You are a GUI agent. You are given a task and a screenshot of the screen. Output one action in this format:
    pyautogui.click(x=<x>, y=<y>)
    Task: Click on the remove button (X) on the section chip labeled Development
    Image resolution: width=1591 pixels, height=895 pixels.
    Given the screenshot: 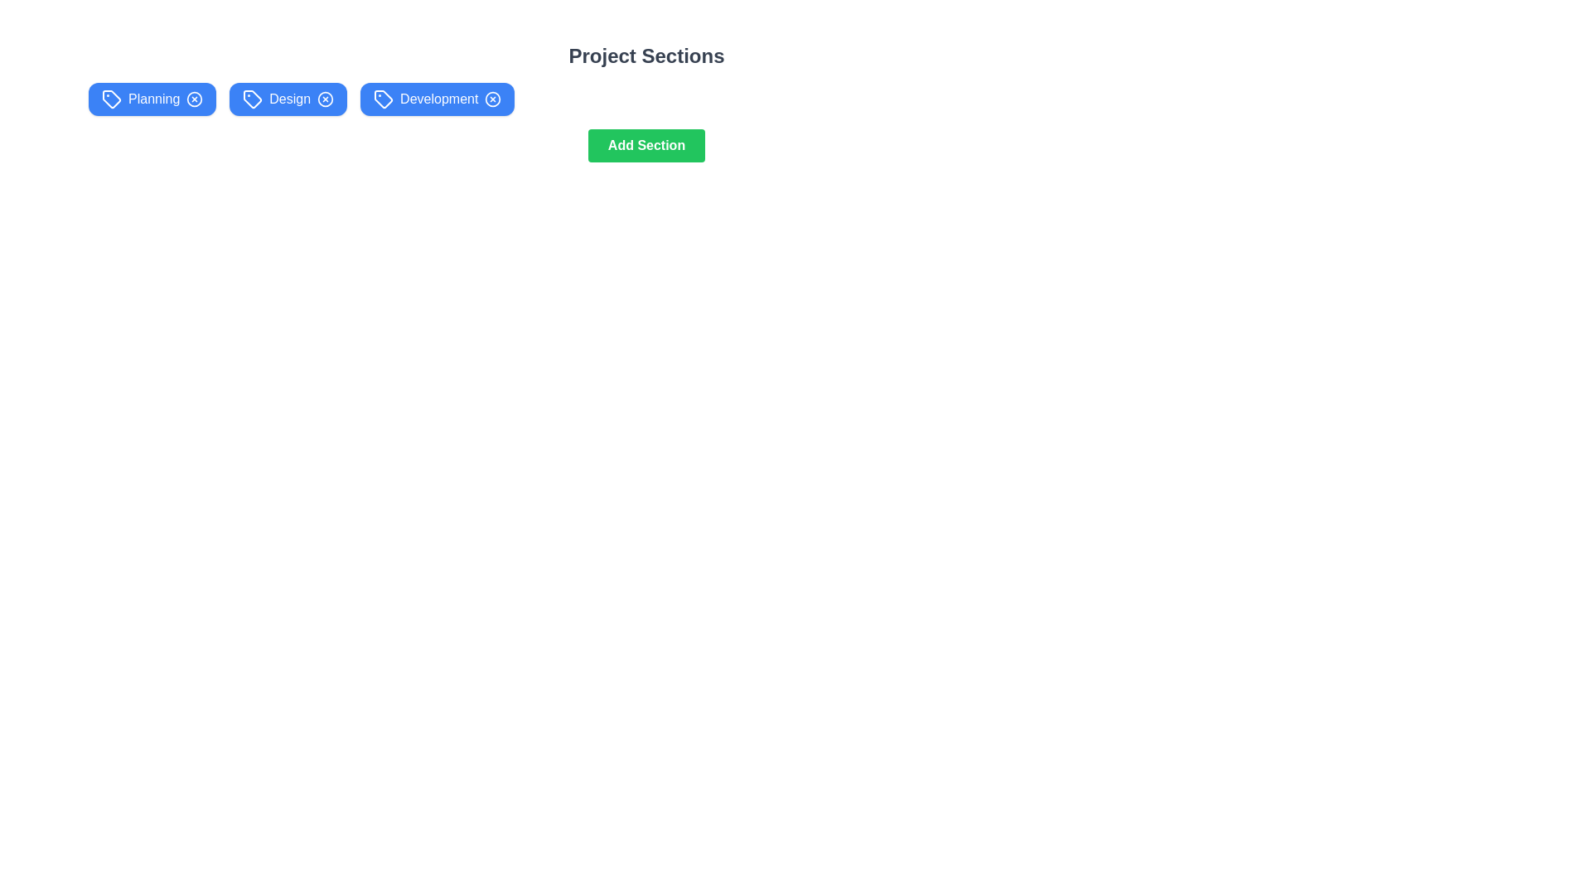 What is the action you would take?
    pyautogui.click(x=492, y=99)
    